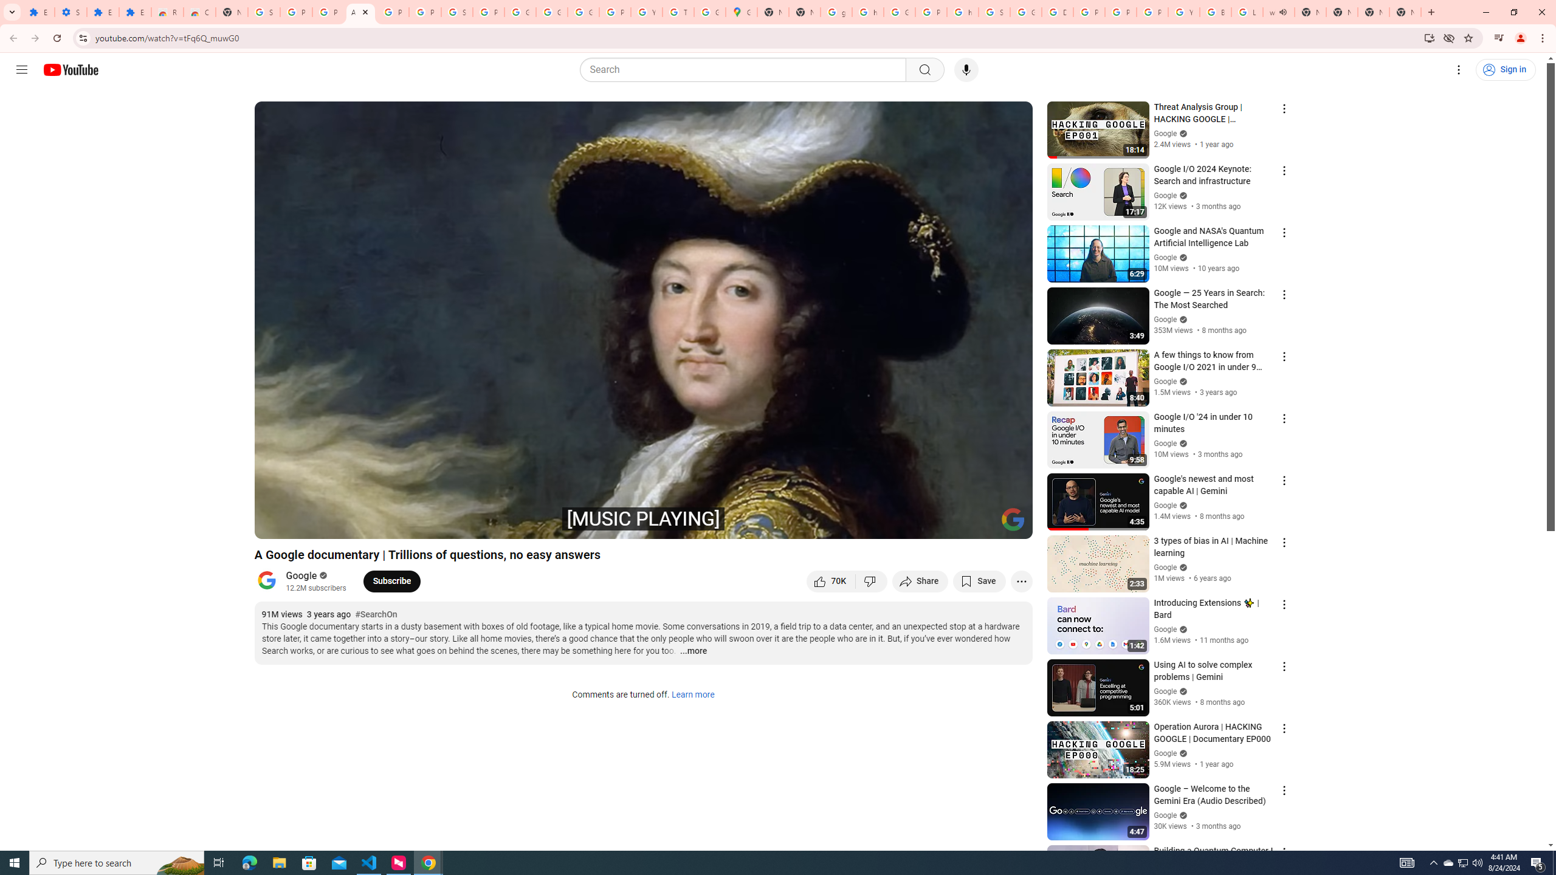  What do you see at coordinates (70, 69) in the screenshot?
I see `'YouTube Home'` at bounding box center [70, 69].